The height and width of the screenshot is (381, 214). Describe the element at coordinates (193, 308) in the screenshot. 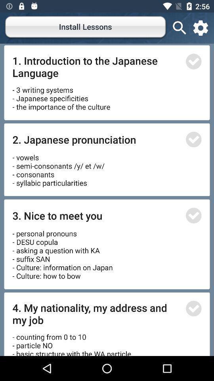

I see `option` at that location.